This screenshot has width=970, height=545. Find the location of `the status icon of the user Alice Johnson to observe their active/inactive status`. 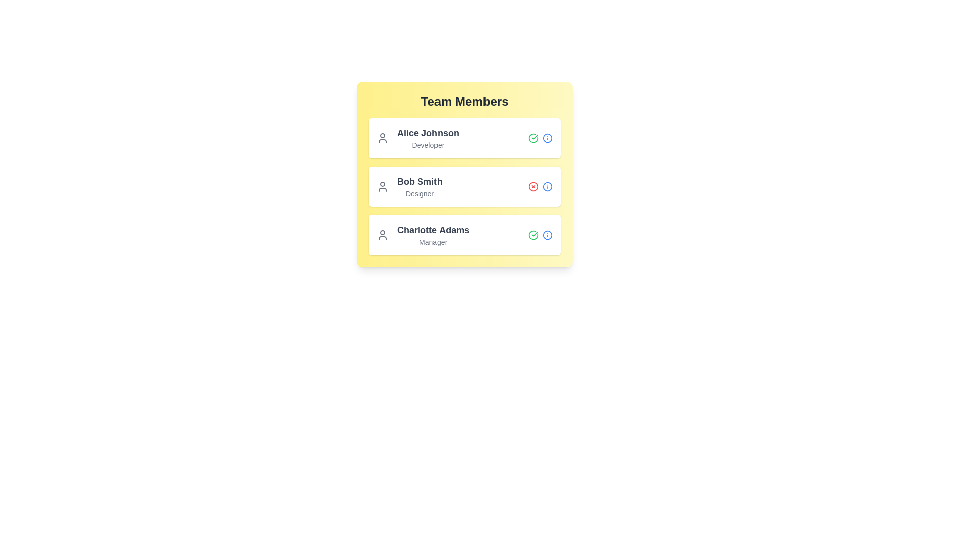

the status icon of the user Alice Johnson to observe their active/inactive status is located at coordinates (533, 138).